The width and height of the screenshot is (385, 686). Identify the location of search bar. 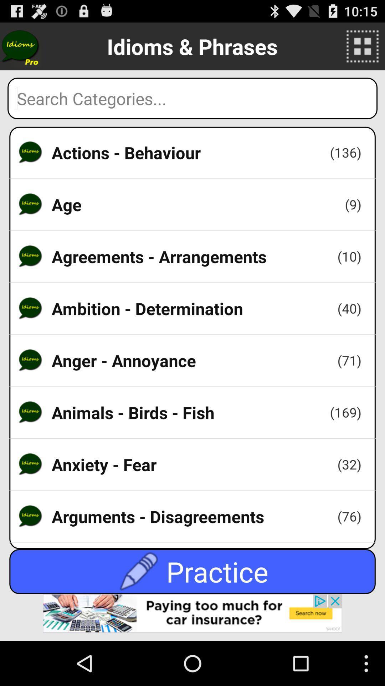
(192, 98).